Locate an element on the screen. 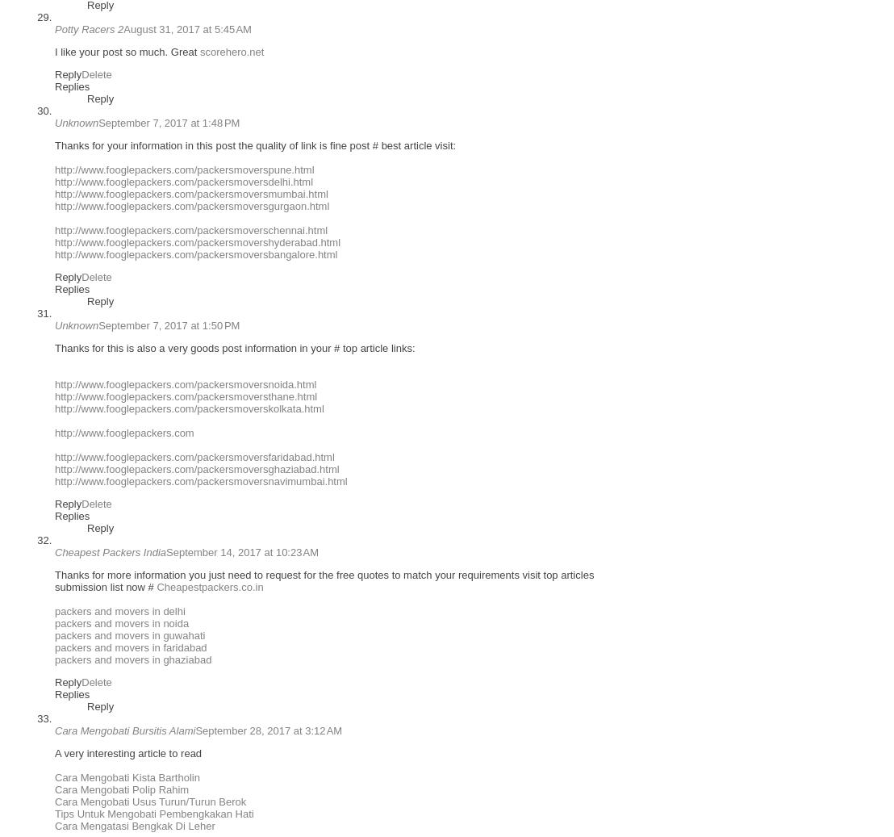  'http://www.fooglepackers.com/packersmoversmumbai.html' is located at coordinates (190, 193).